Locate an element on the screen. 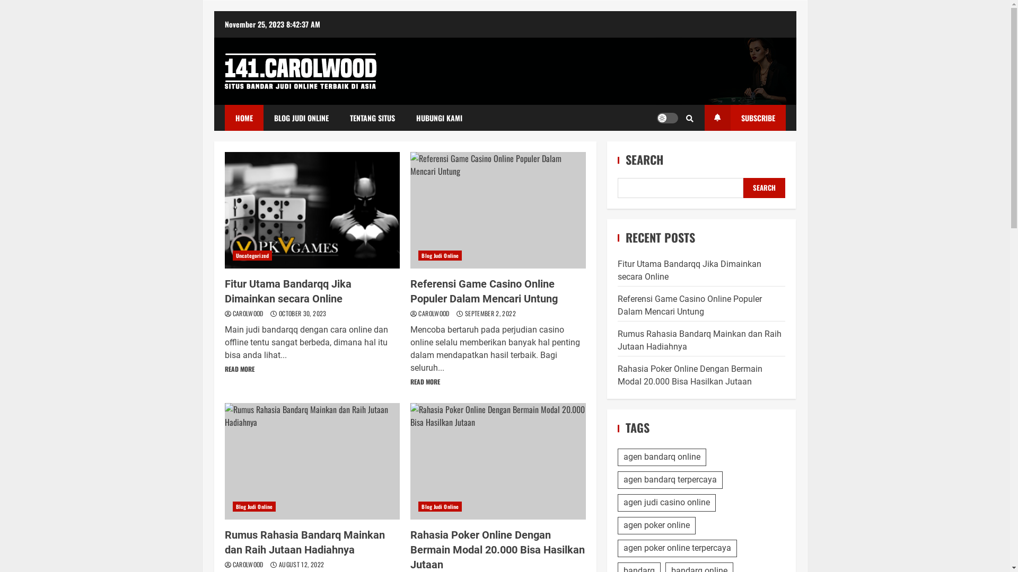 The height and width of the screenshot is (572, 1018). 'TENTANG SITUS' is located at coordinates (372, 118).